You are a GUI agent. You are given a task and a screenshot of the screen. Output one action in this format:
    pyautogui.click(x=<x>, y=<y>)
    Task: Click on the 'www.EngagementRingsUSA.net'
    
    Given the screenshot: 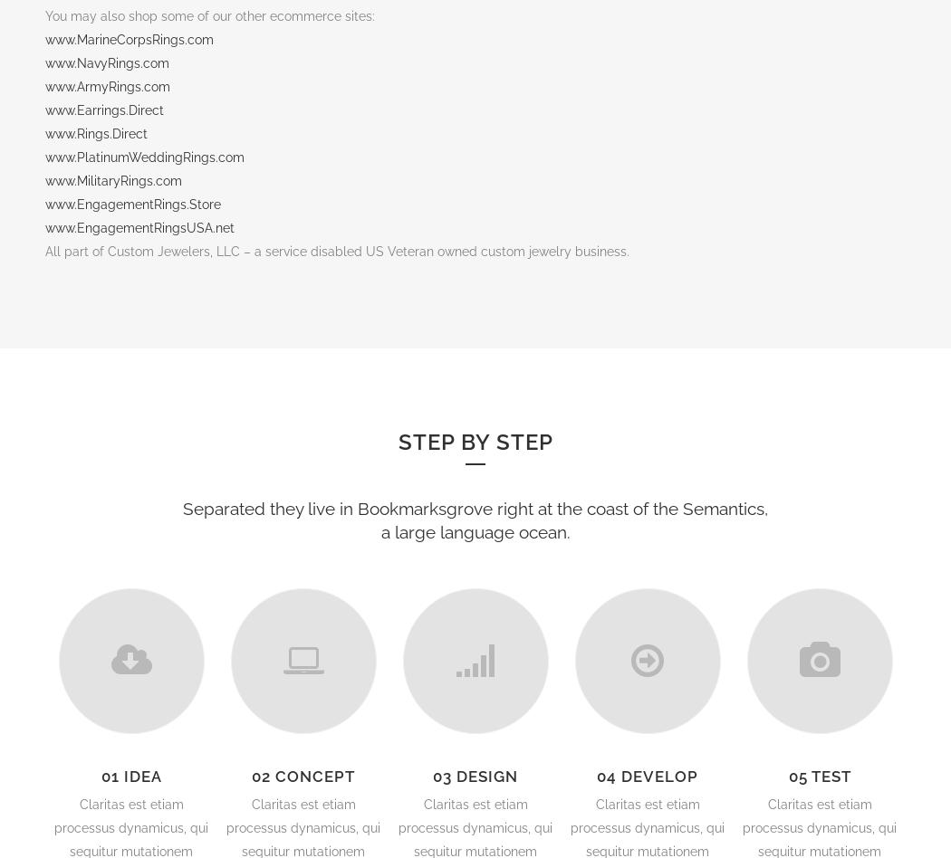 What is the action you would take?
    pyautogui.click(x=43, y=227)
    